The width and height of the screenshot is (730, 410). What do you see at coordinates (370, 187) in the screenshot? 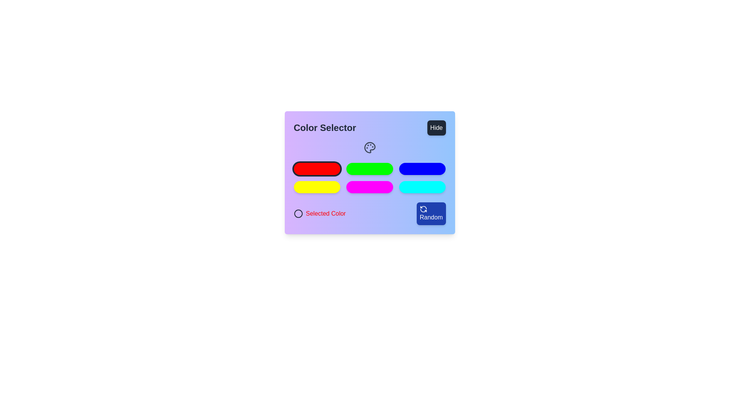
I see `the bright magenta circular button located in the second row, middle column of the grid layout for potential drag-and-drop interactions` at bounding box center [370, 187].